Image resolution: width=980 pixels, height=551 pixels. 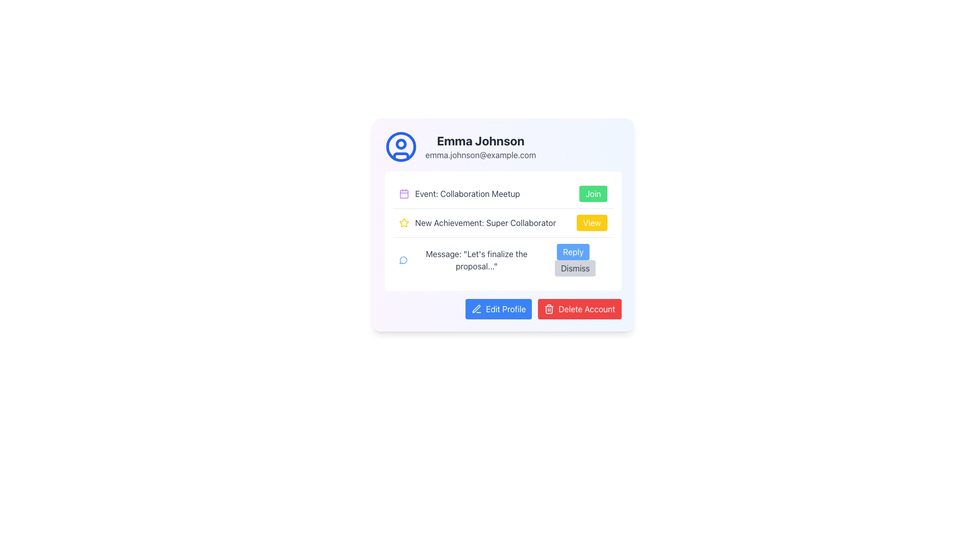 I want to click on the text display that shows the user's name and email address to focus on user details, so click(x=480, y=147).